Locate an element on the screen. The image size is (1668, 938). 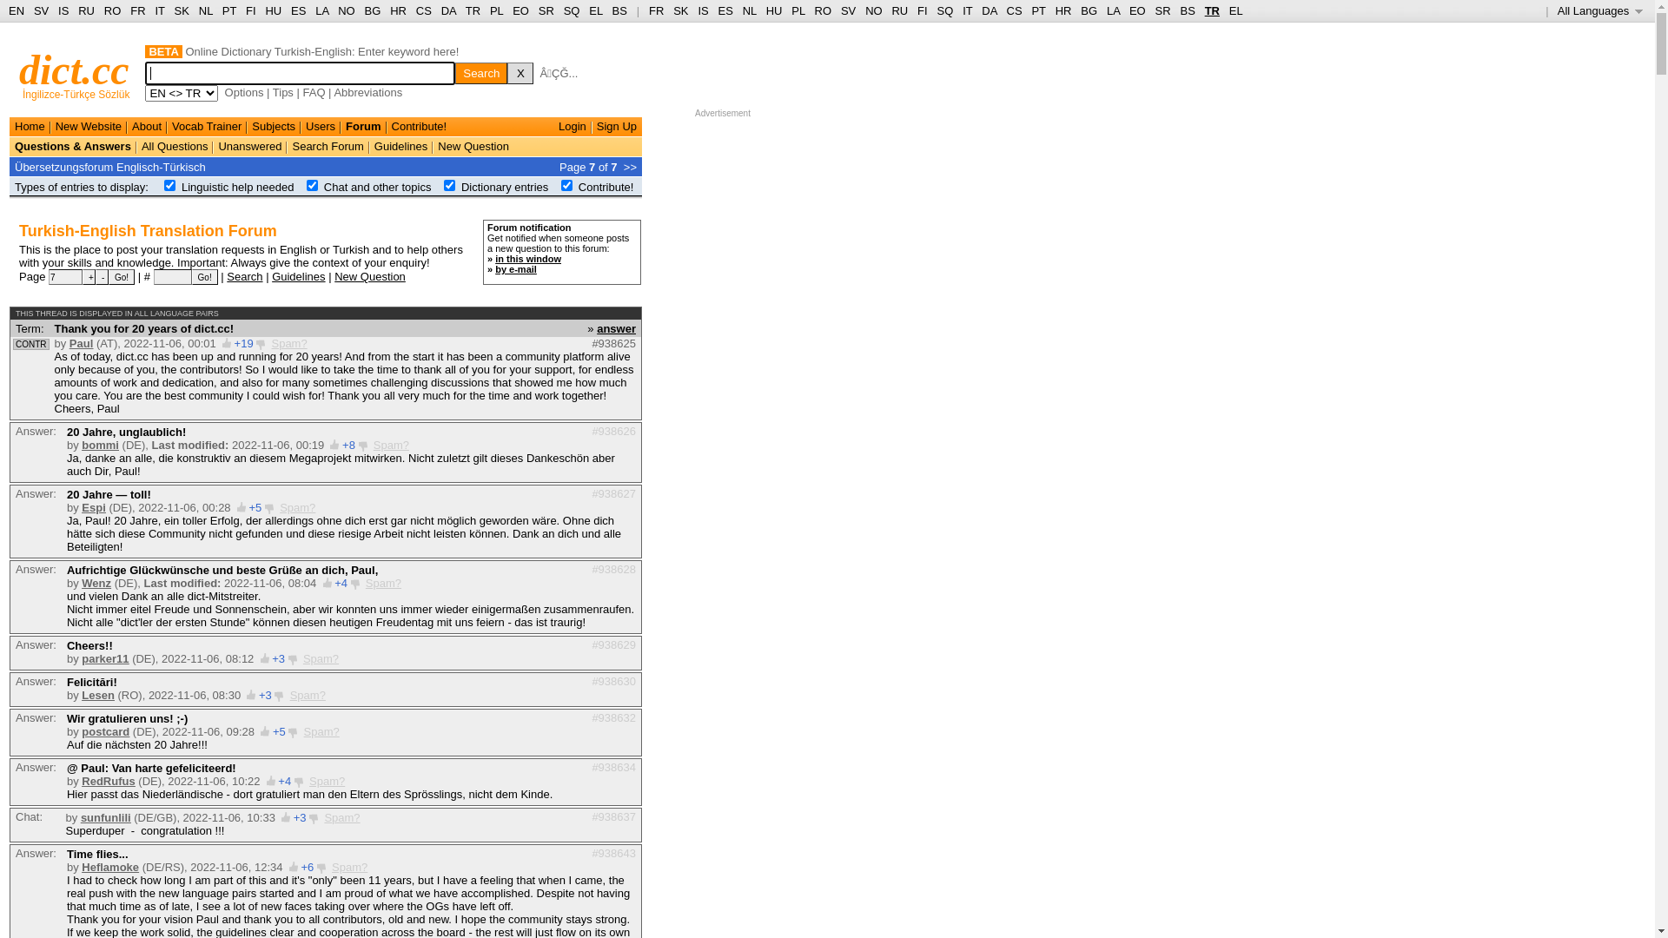
'Contribute!' is located at coordinates (420, 125).